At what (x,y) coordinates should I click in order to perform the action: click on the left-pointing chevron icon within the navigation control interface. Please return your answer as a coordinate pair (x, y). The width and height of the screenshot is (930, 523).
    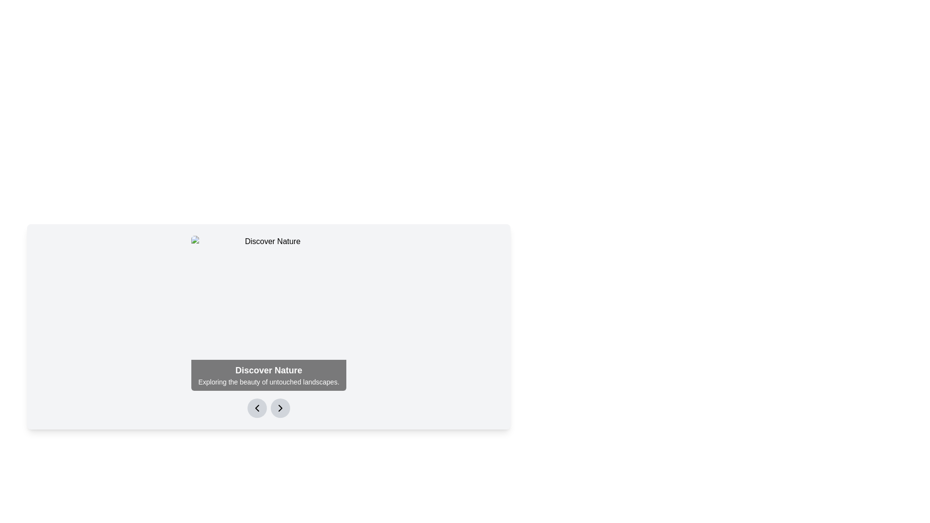
    Looking at the image, I should click on (257, 408).